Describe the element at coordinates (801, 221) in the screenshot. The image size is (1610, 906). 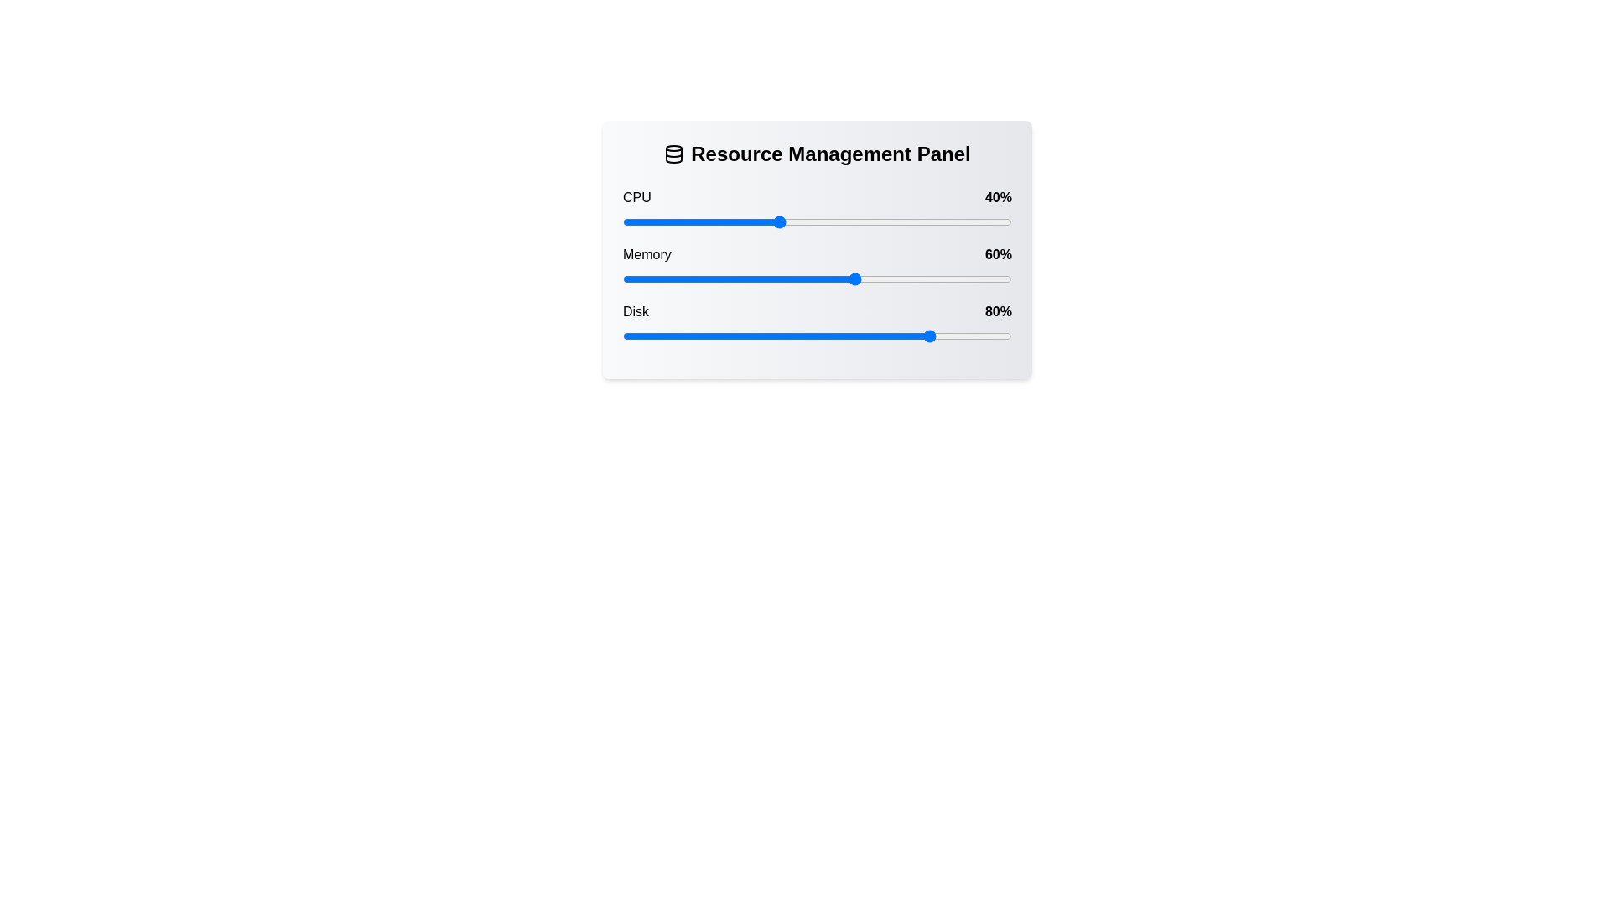
I see `the CPU slider to 46%` at that location.